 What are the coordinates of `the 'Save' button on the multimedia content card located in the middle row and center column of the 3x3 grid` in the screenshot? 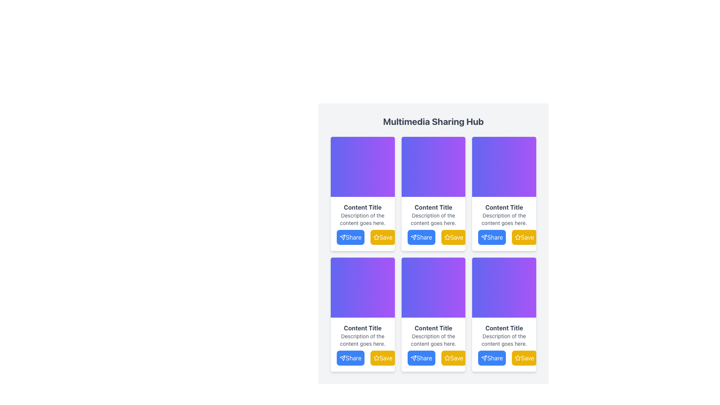 It's located at (433, 315).